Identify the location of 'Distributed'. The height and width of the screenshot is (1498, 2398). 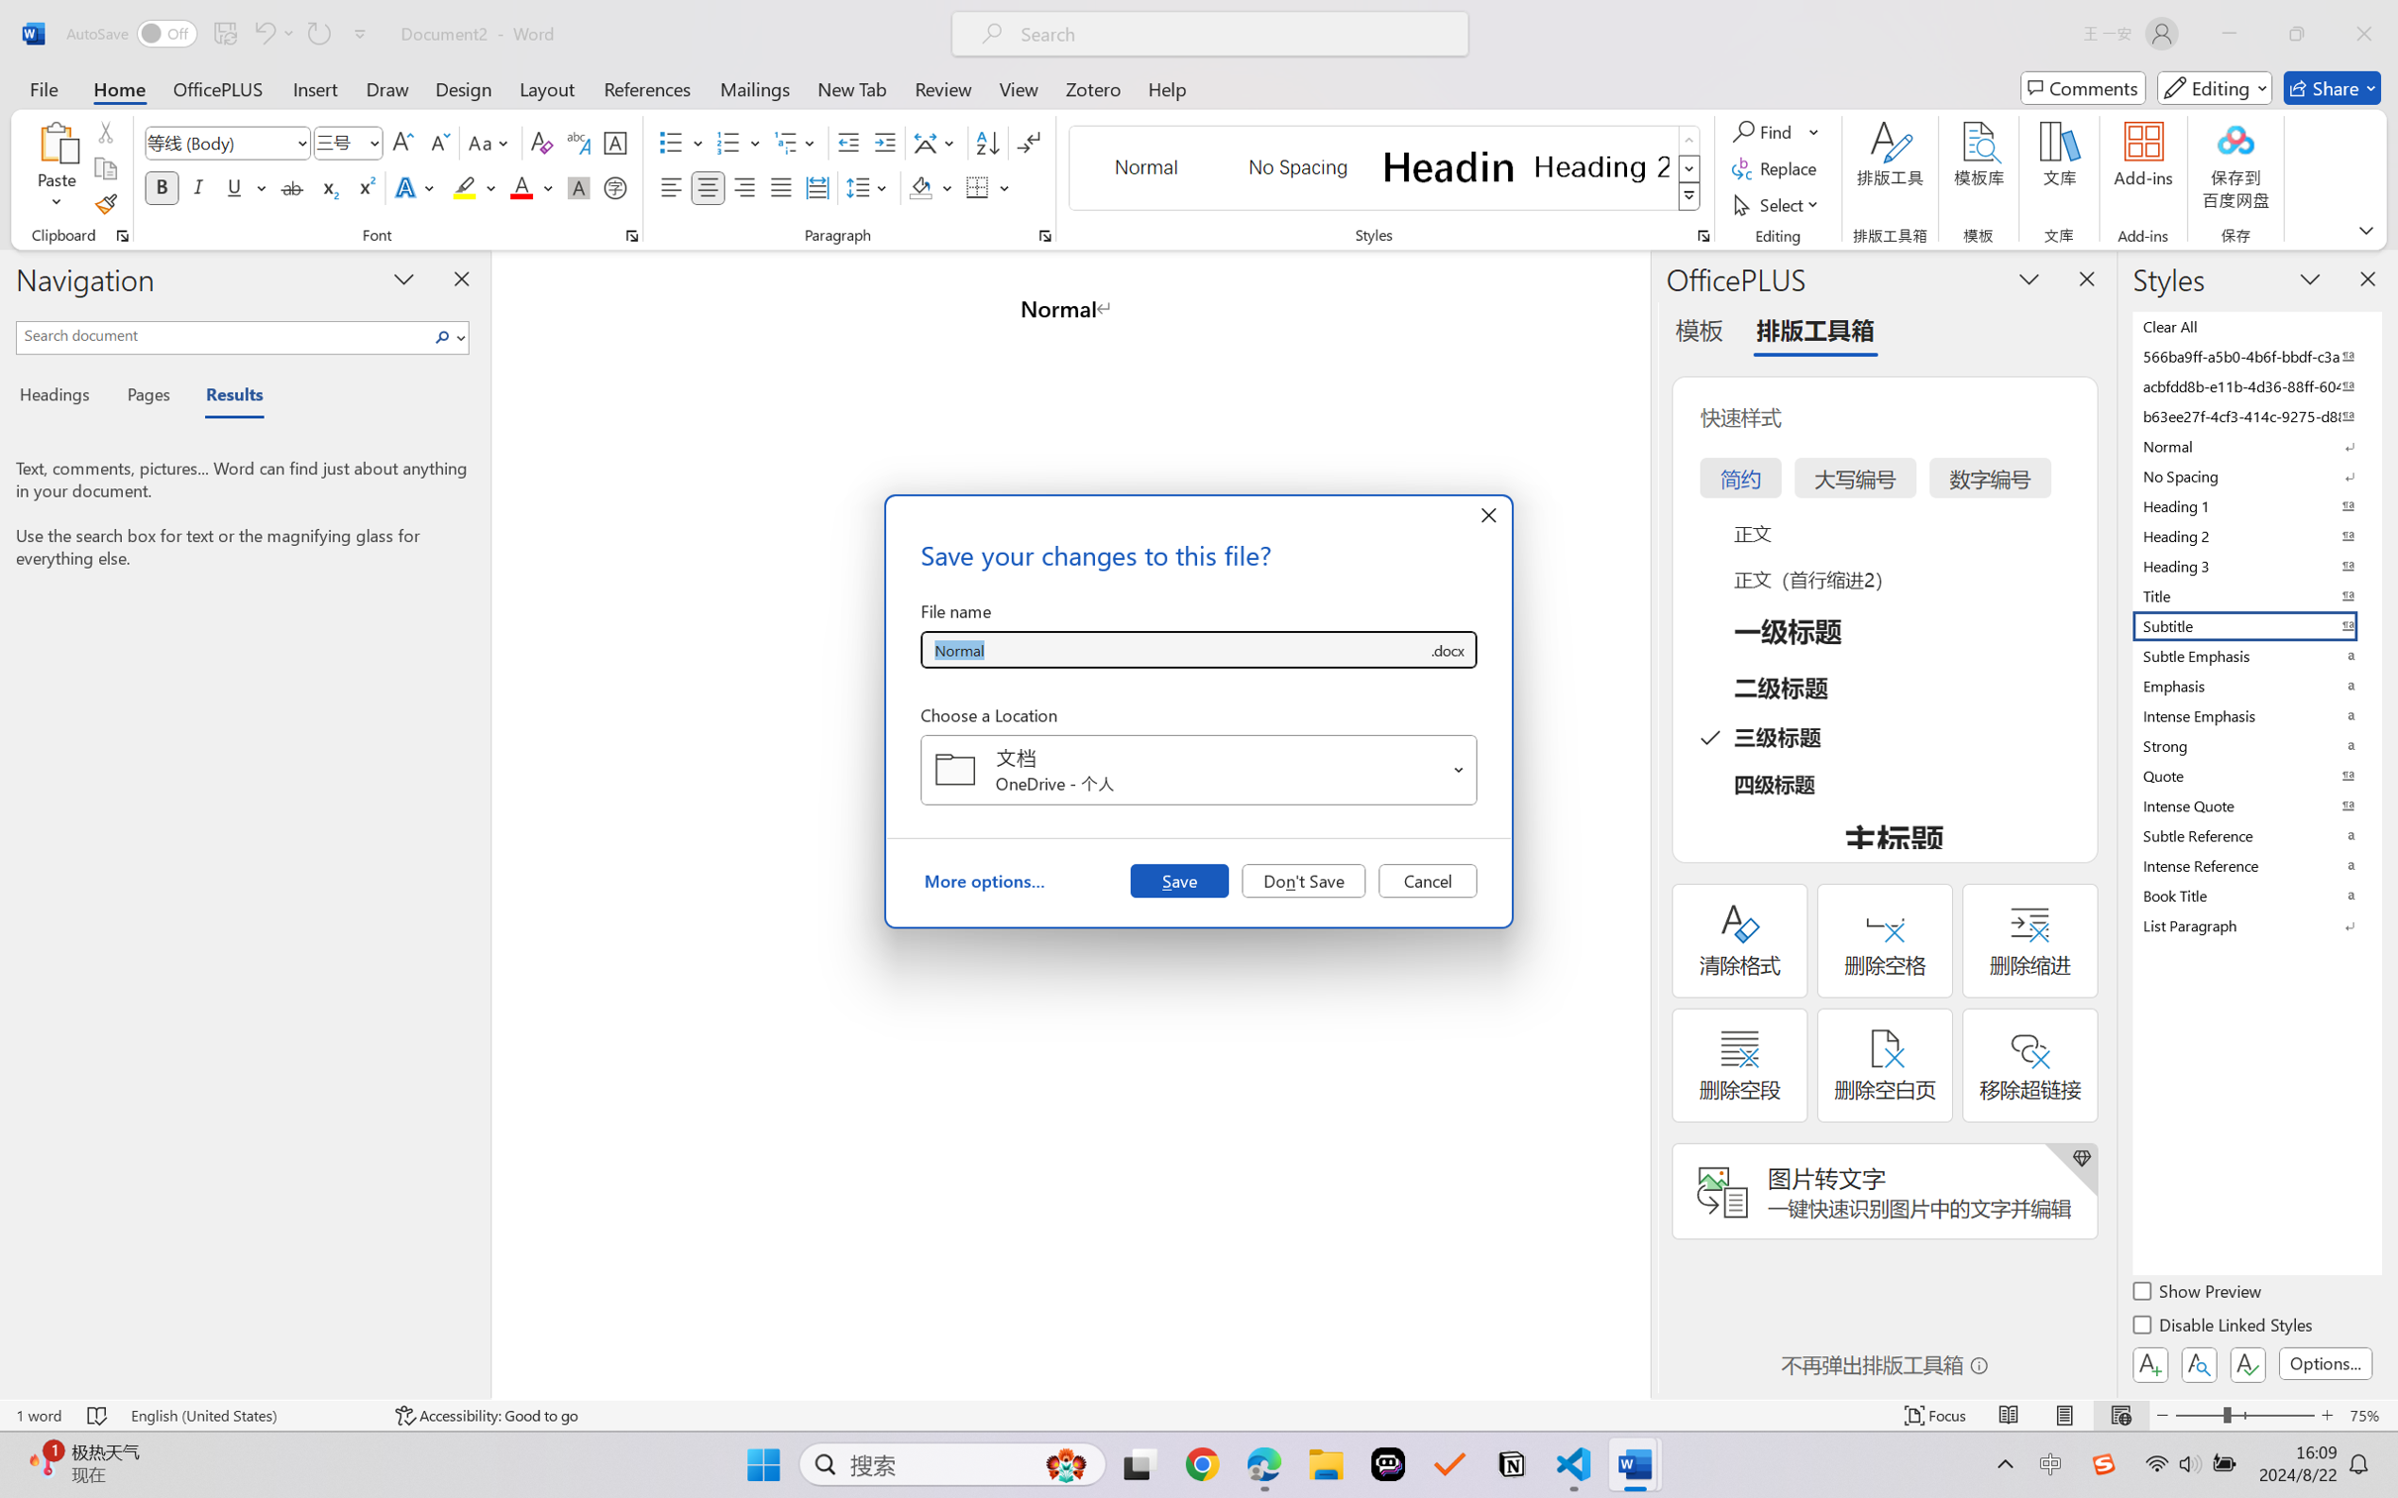
(816, 186).